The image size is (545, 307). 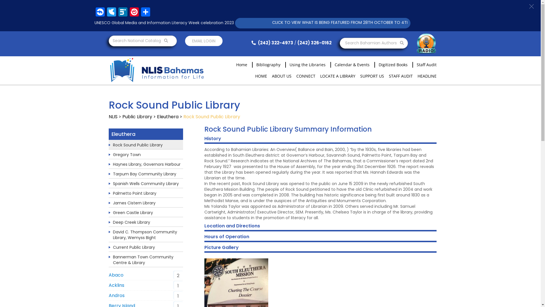 What do you see at coordinates (142, 40) in the screenshot?
I see `'Search National Catalog'` at bounding box center [142, 40].